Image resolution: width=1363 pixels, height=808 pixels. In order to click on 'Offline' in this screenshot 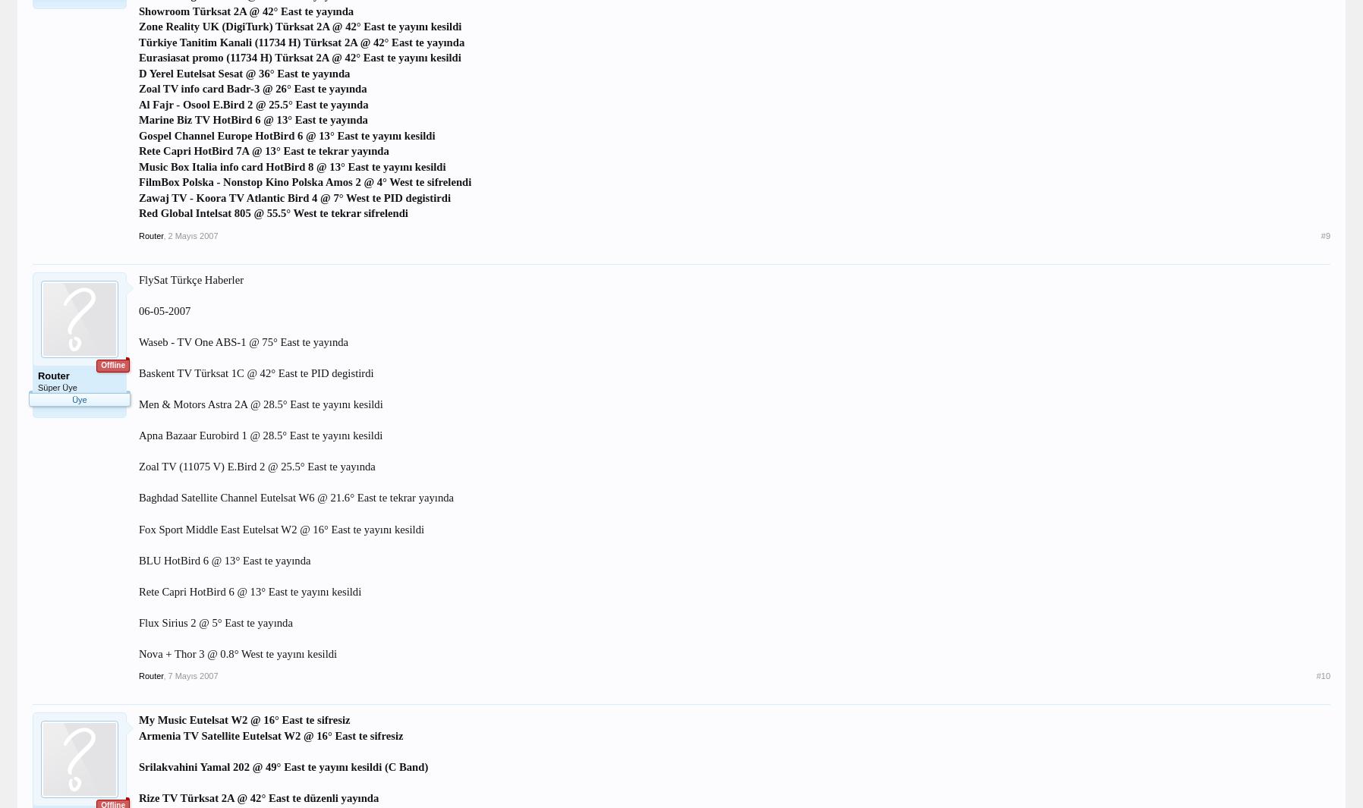, I will do `click(112, 364)`.